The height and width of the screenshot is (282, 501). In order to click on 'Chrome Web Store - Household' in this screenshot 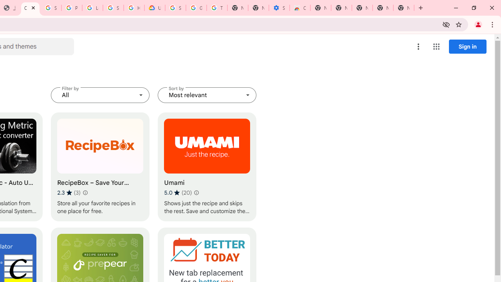, I will do `click(30, 8)`.